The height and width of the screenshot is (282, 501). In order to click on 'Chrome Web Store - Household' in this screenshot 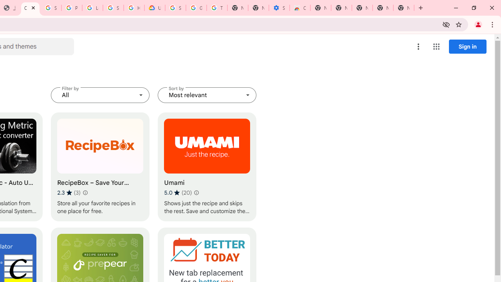, I will do `click(30, 8)`.